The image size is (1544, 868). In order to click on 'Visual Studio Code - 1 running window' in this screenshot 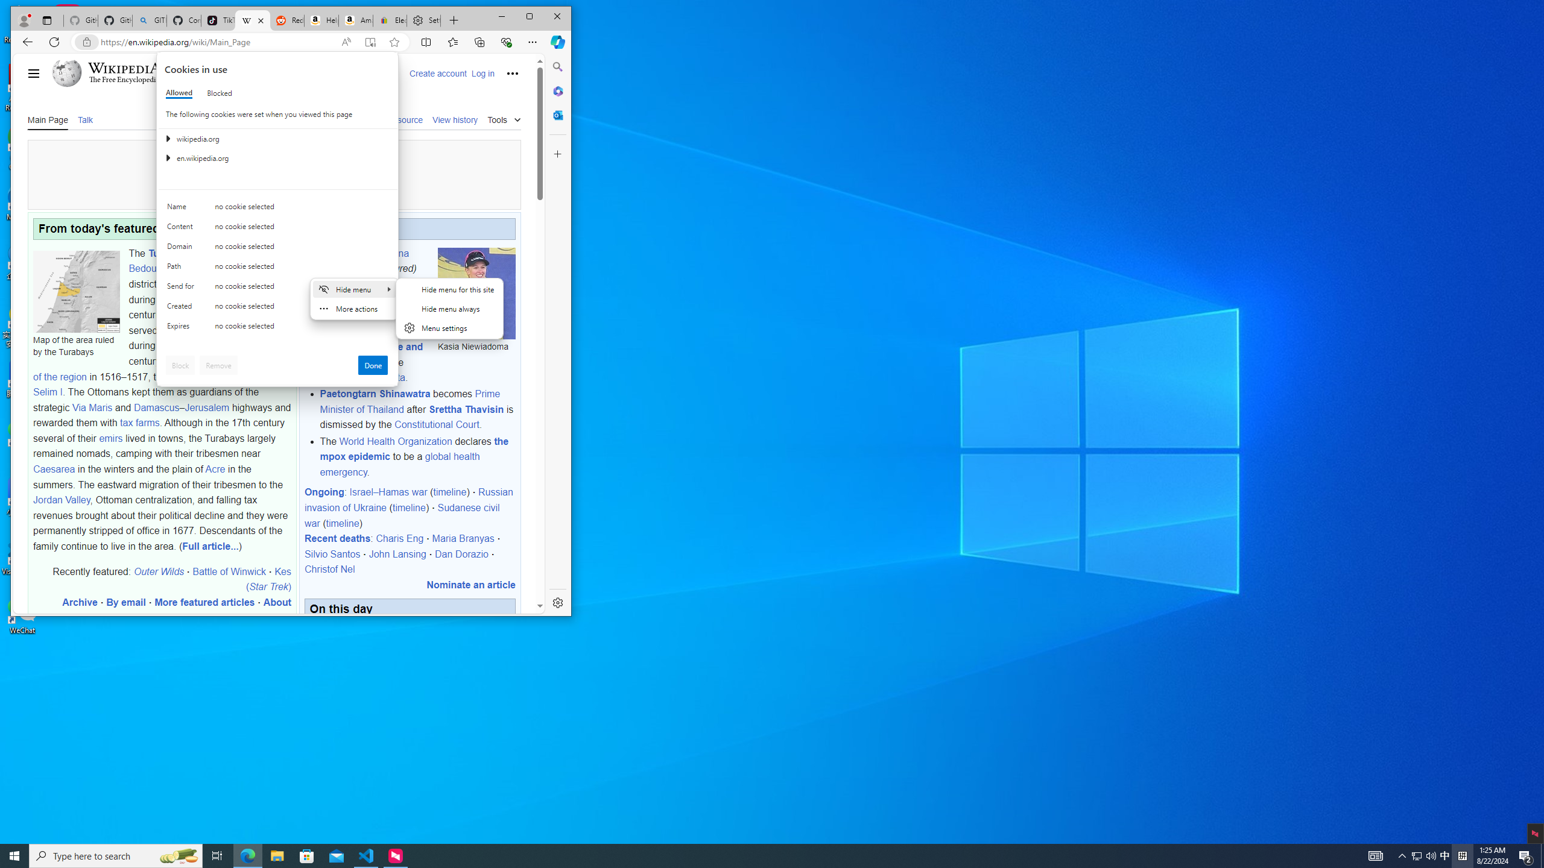, I will do `click(366, 855)`.